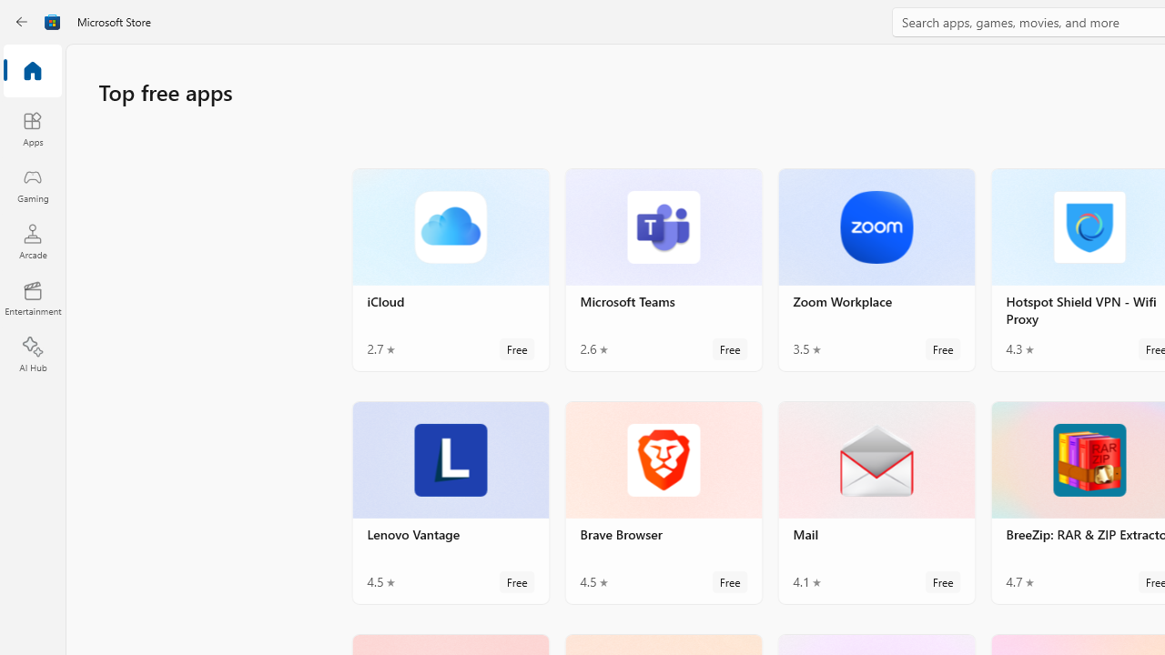  Describe the element at coordinates (32, 185) in the screenshot. I see `'Gaming'` at that location.